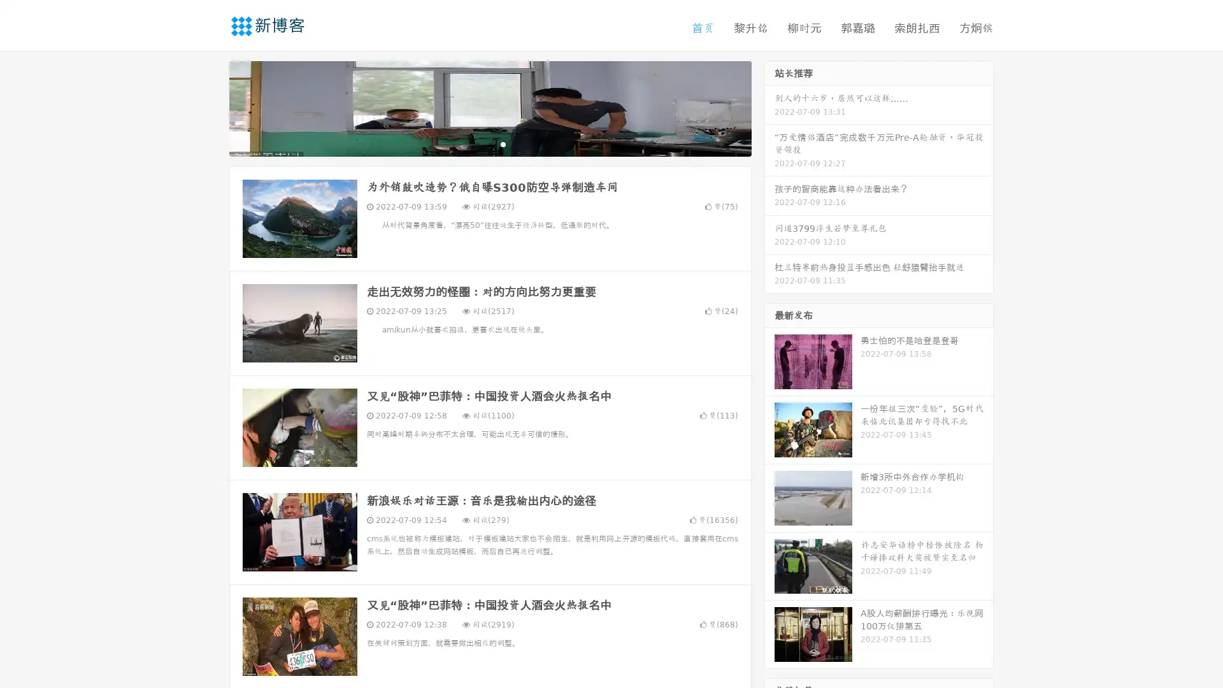 Image resolution: width=1223 pixels, height=688 pixels. I want to click on Go to slide 2, so click(489, 143).